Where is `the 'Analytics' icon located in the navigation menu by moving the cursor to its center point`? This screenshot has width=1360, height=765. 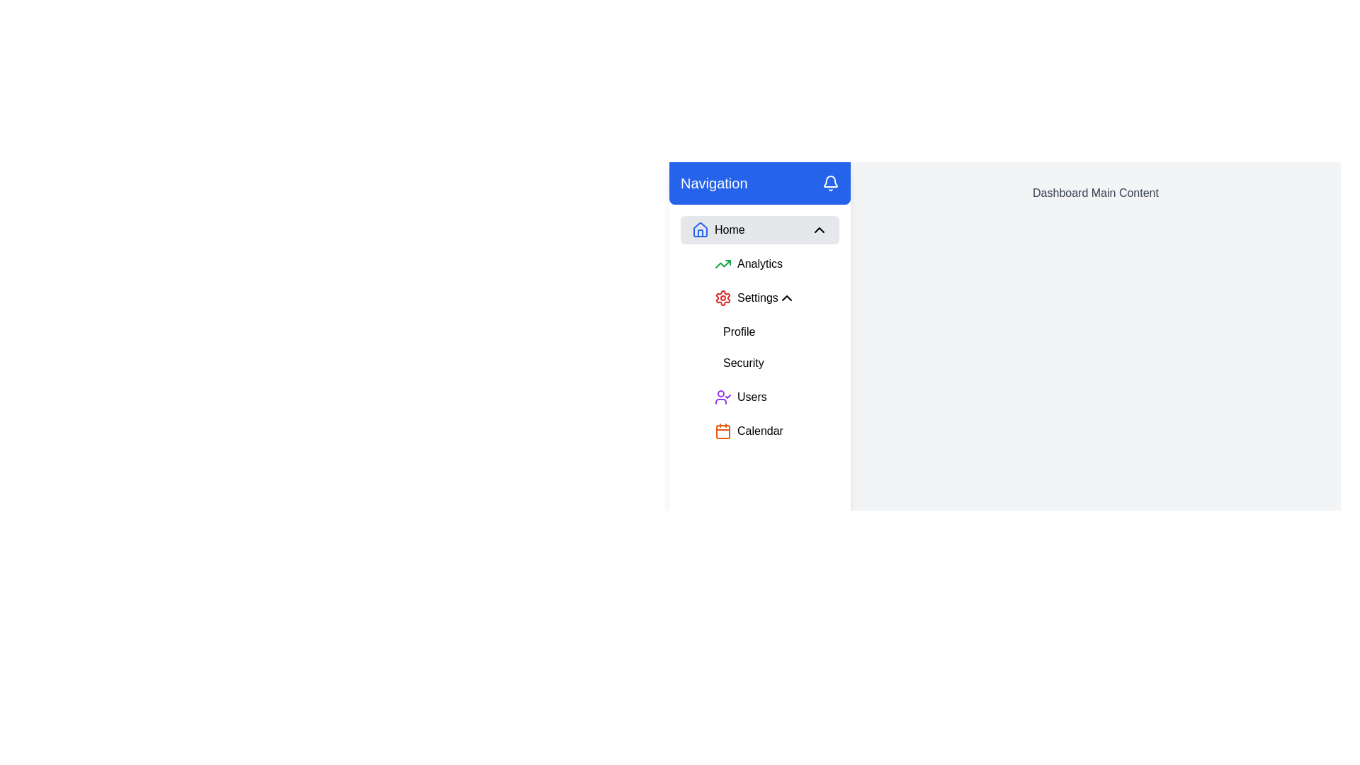
the 'Analytics' icon located in the navigation menu by moving the cursor to its center point is located at coordinates (723, 264).